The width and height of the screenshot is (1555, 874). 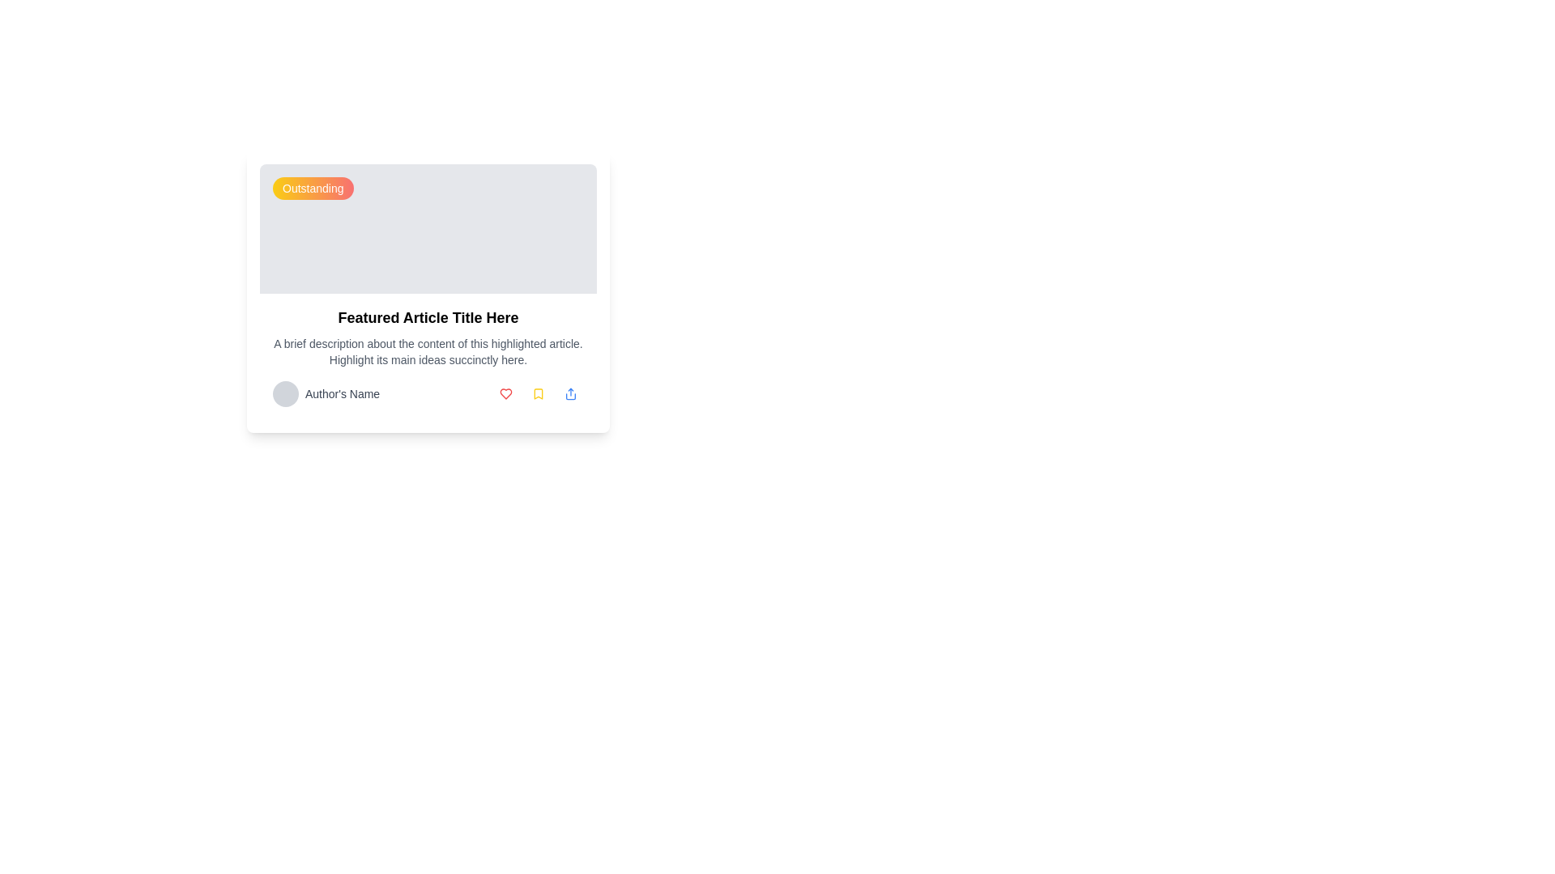 I want to click on the circular button with a blue outline and an upward arrow icon, so click(x=571, y=393).